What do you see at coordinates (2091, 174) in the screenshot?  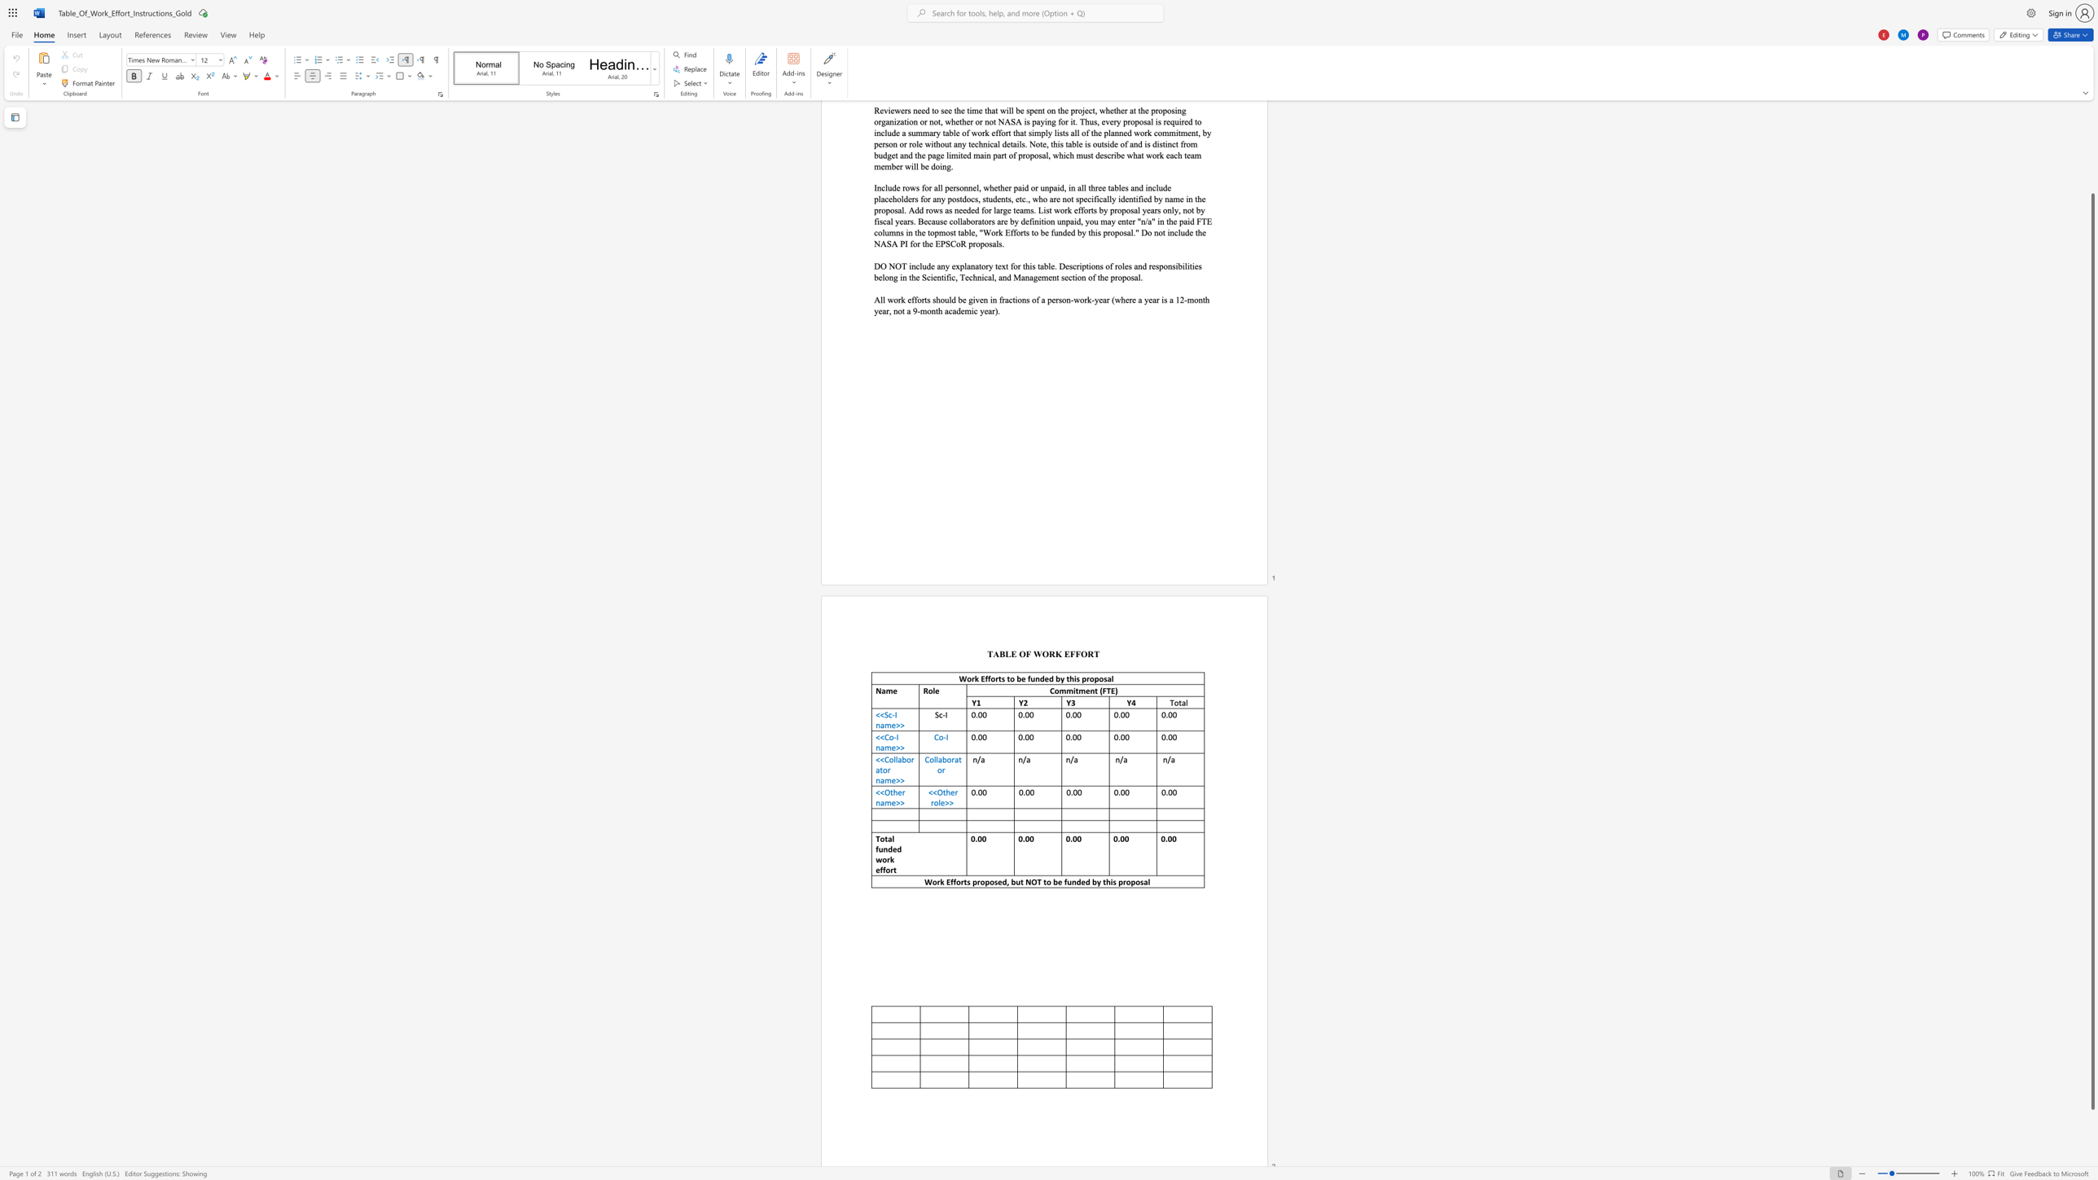 I see `the scrollbar to scroll the page up` at bounding box center [2091, 174].